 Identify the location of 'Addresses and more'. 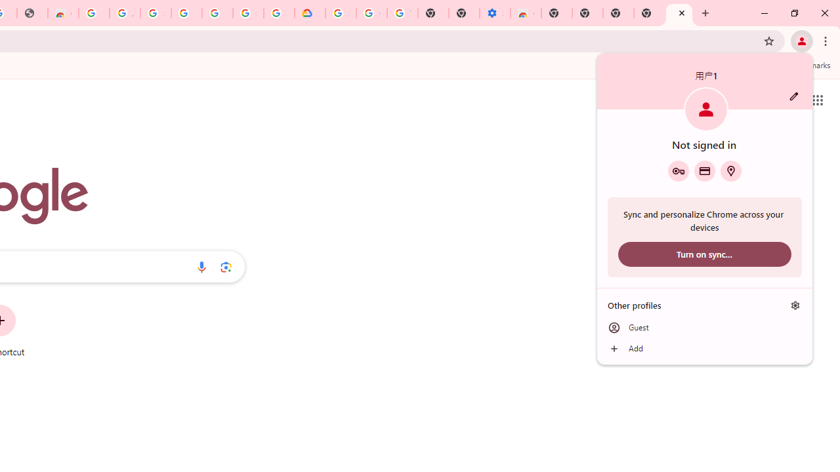
(730, 170).